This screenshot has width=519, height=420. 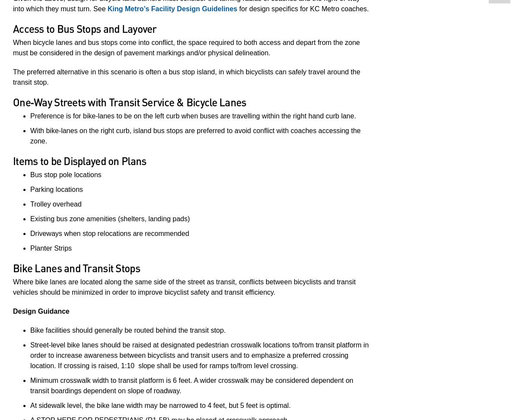 I want to click on 'Minimum crosswalk width to transit platform is 6 feet. A wider crosswalk may be considered dependent on transit boardings dependent on slope of roadway.', so click(x=192, y=385).